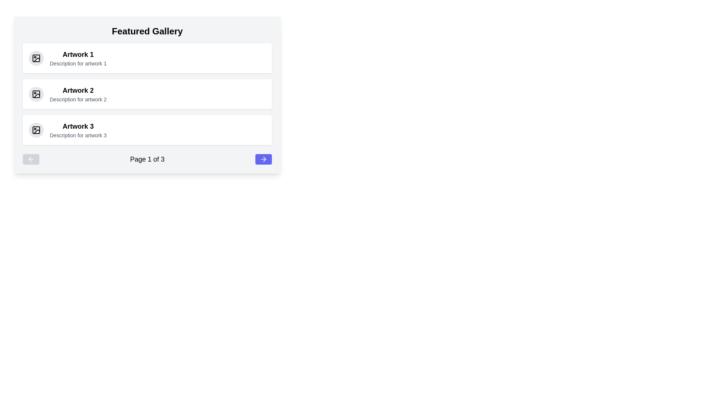 The height and width of the screenshot is (404, 719). I want to click on the text label providing additional context for 'Artwork 3', which is positioned directly below its title in the third artwork entry of the gallery, so click(78, 135).